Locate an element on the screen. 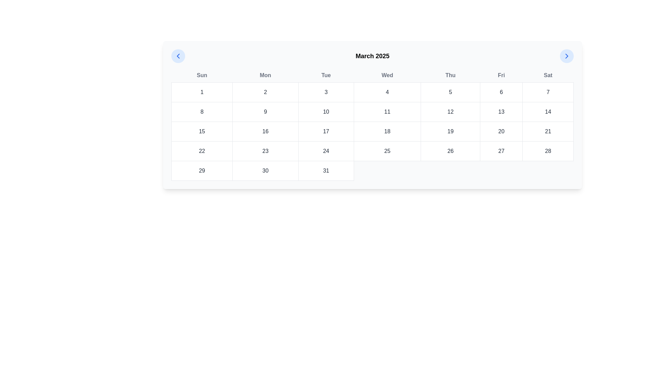  the header label indicating 'Thu', which is the fifth weekday label in the calendar interface is located at coordinates (450, 75).